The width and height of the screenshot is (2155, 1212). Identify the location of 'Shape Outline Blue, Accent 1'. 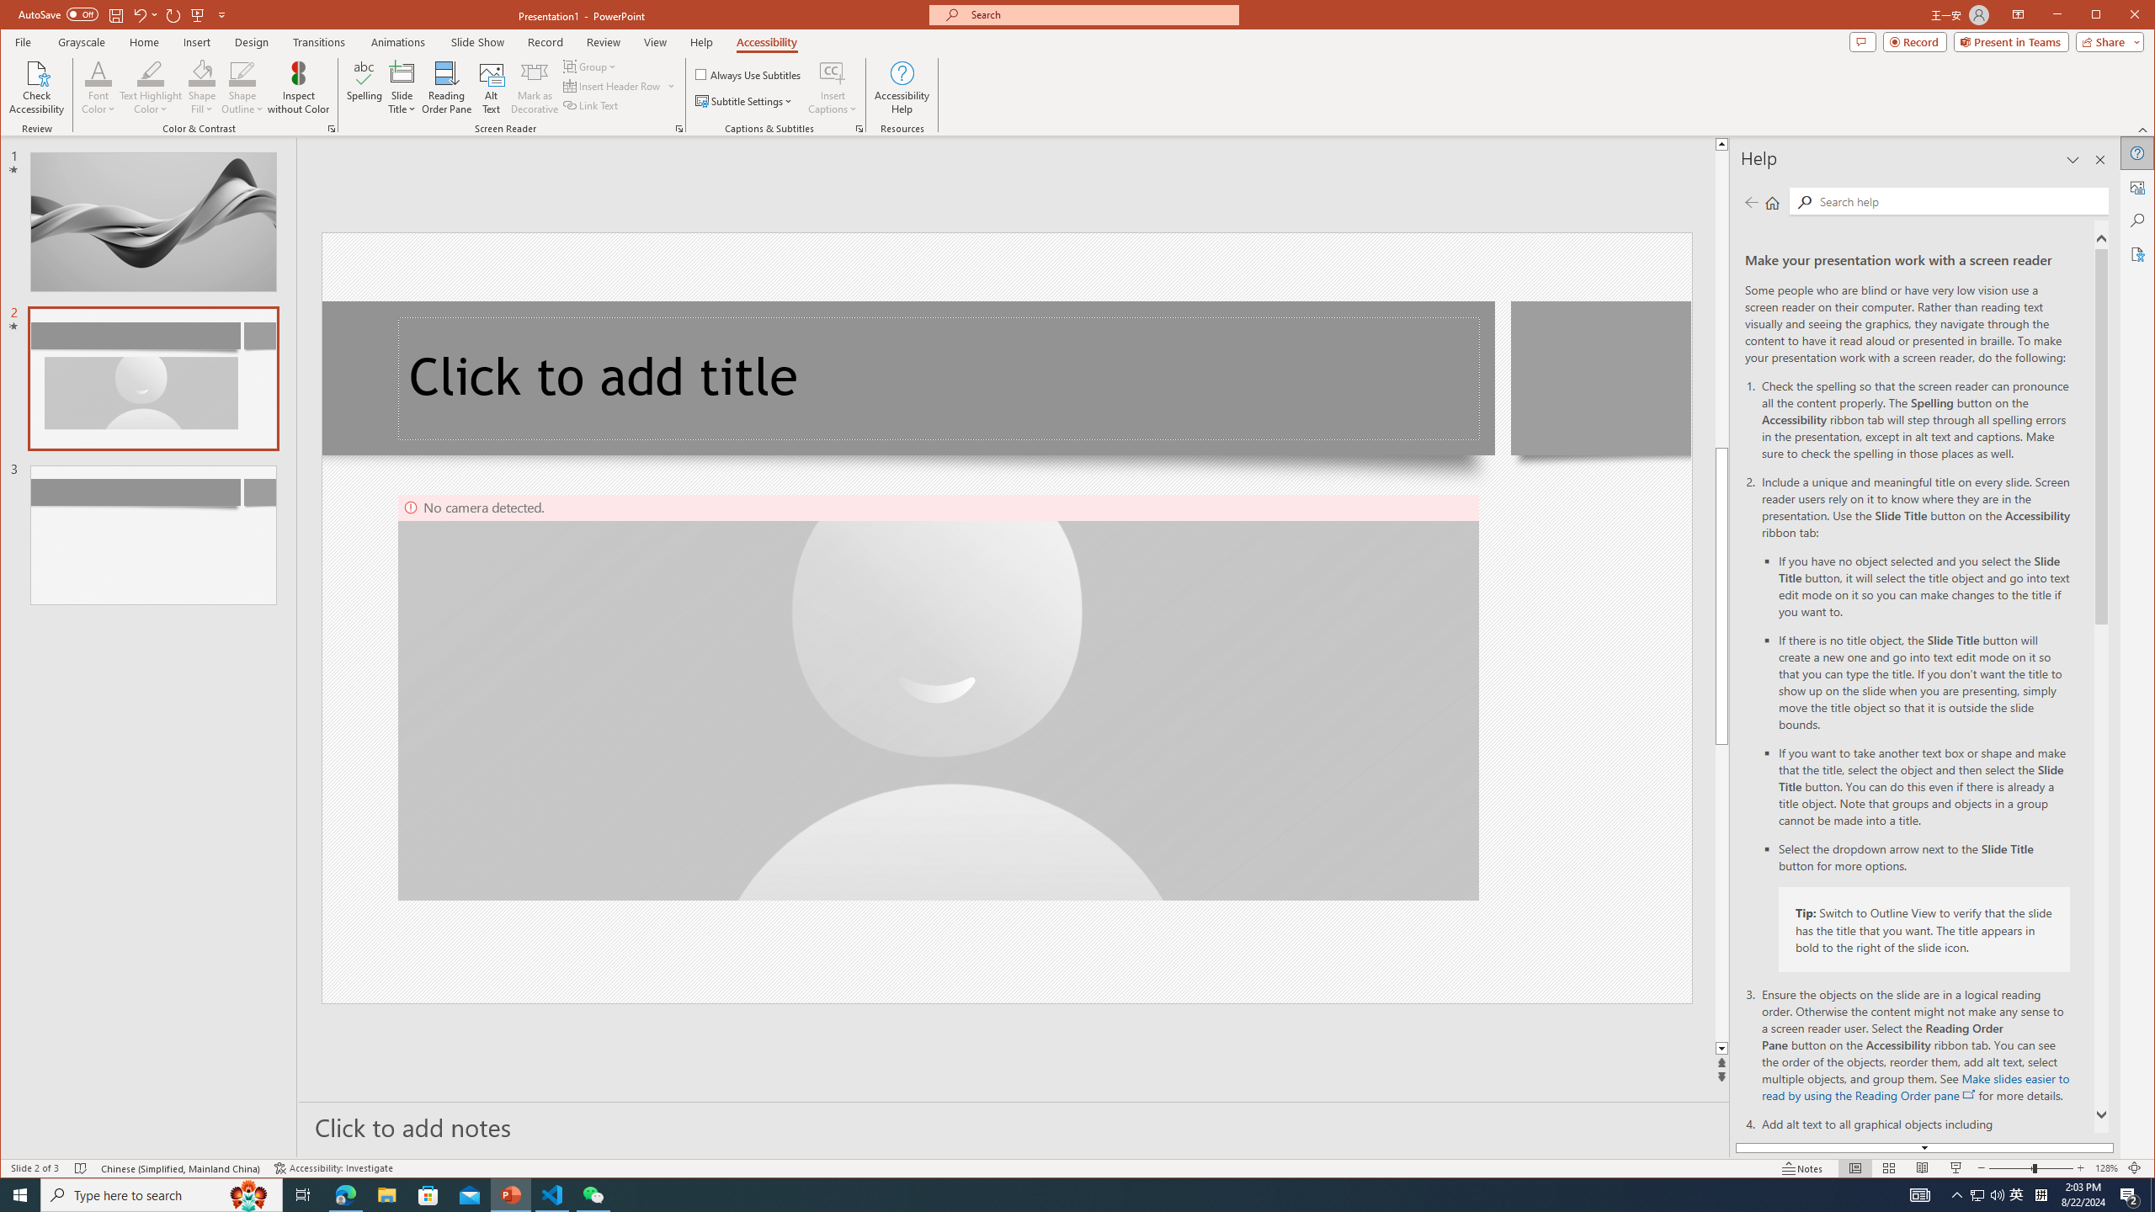
(242, 72).